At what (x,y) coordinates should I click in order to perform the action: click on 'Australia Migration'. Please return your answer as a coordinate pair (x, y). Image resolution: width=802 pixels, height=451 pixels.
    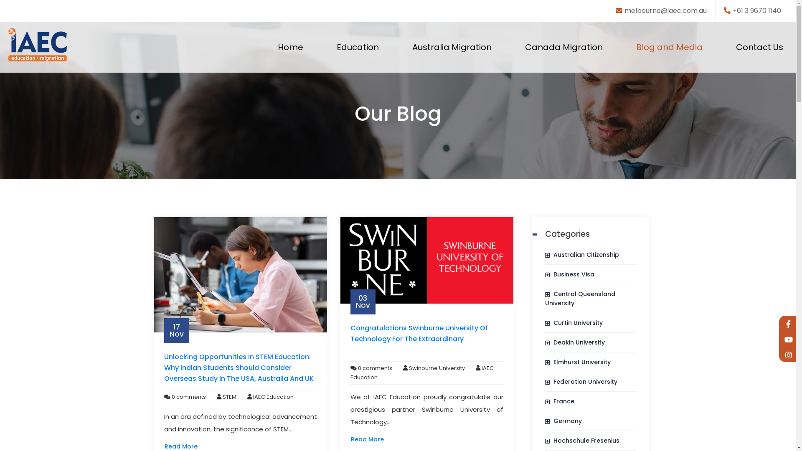
    Looking at the image, I should click on (408, 47).